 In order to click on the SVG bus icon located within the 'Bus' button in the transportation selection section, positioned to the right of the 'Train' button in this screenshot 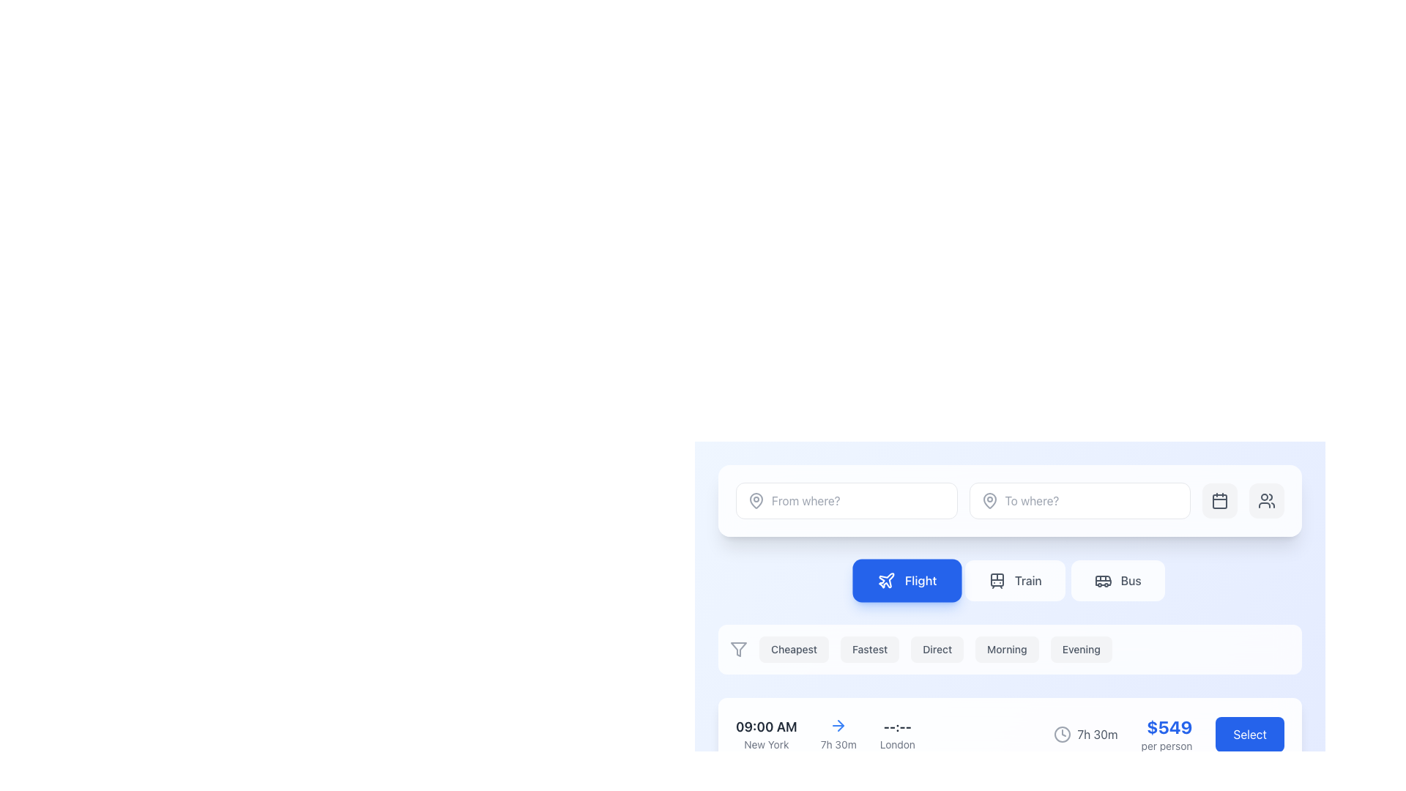, I will do `click(1103, 580)`.